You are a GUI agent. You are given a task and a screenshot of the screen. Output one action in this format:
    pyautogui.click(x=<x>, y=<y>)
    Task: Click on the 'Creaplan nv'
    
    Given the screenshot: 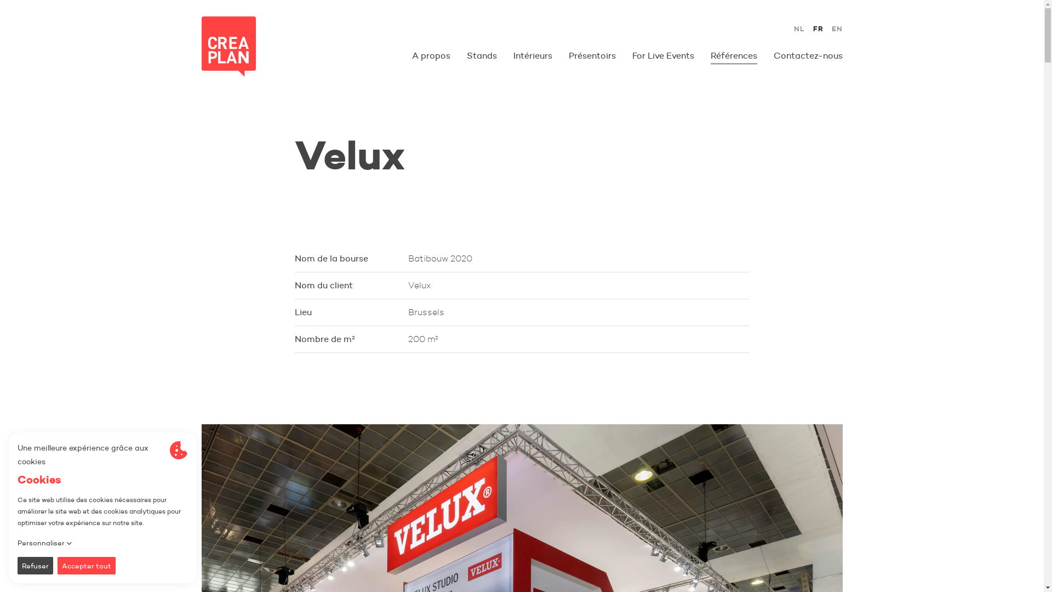 What is the action you would take?
    pyautogui.click(x=228, y=45)
    